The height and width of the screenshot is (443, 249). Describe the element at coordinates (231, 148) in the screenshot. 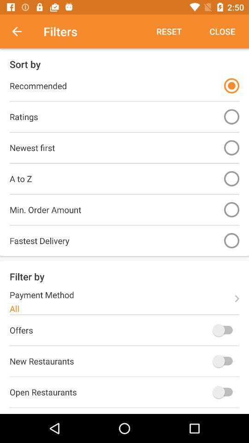

I see `newest first on` at that location.